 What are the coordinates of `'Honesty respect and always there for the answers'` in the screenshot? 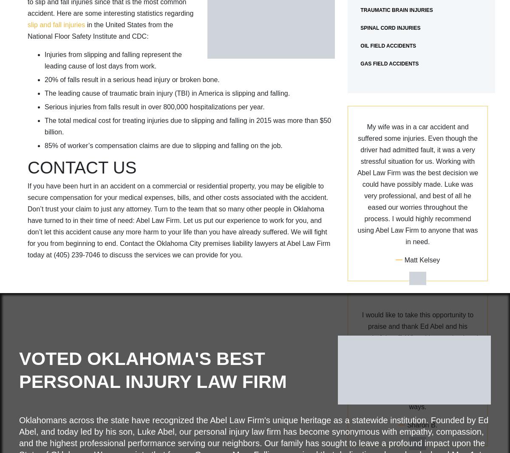 It's located at (417, 232).